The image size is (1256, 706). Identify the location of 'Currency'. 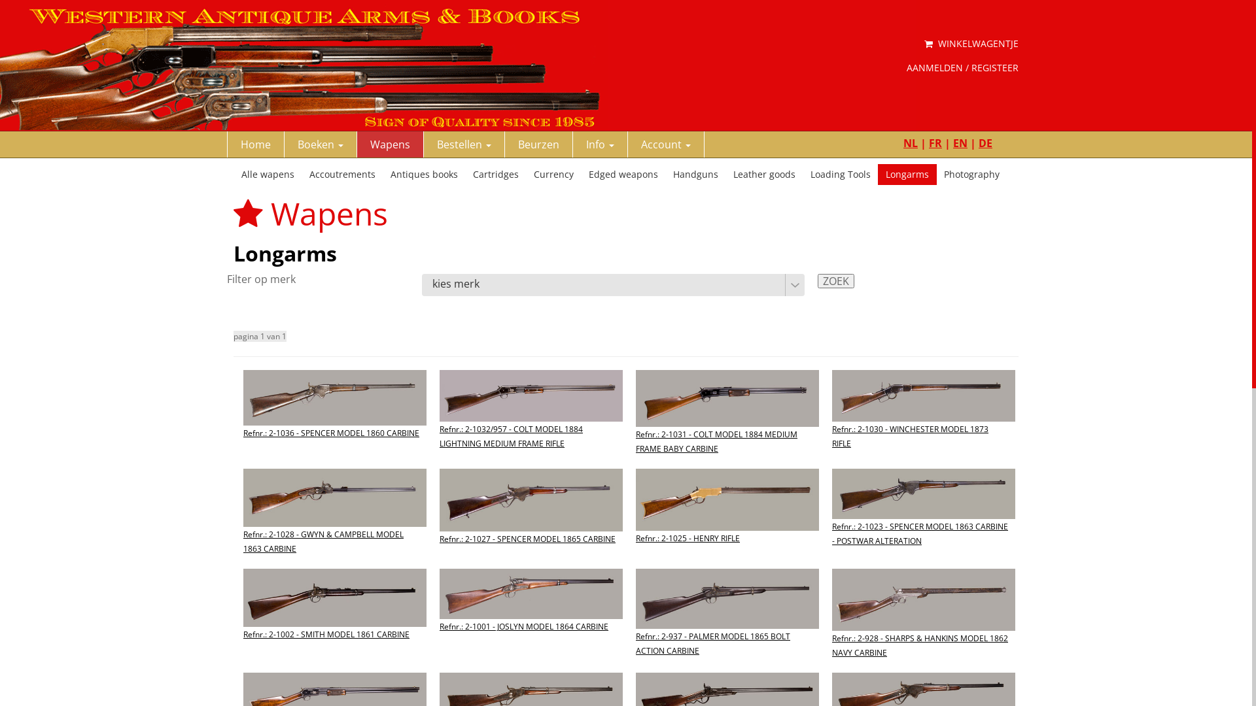
(553, 173).